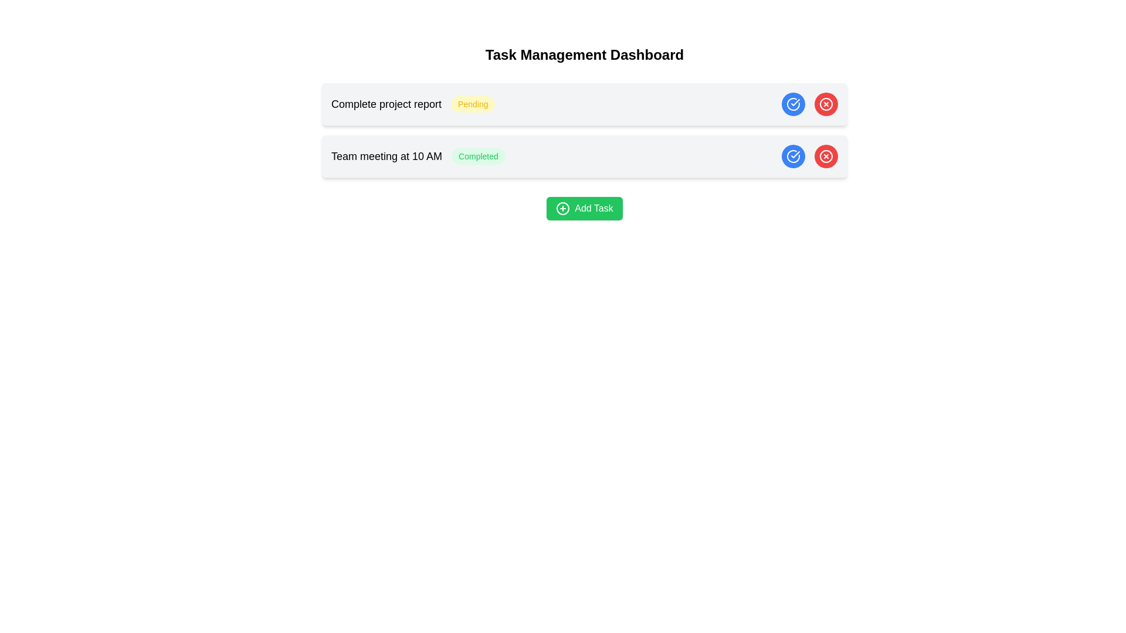 The image size is (1126, 633). What do you see at coordinates (585, 55) in the screenshot?
I see `the static text element that serves as the title or header of the dashboard, providing context about the interface` at bounding box center [585, 55].